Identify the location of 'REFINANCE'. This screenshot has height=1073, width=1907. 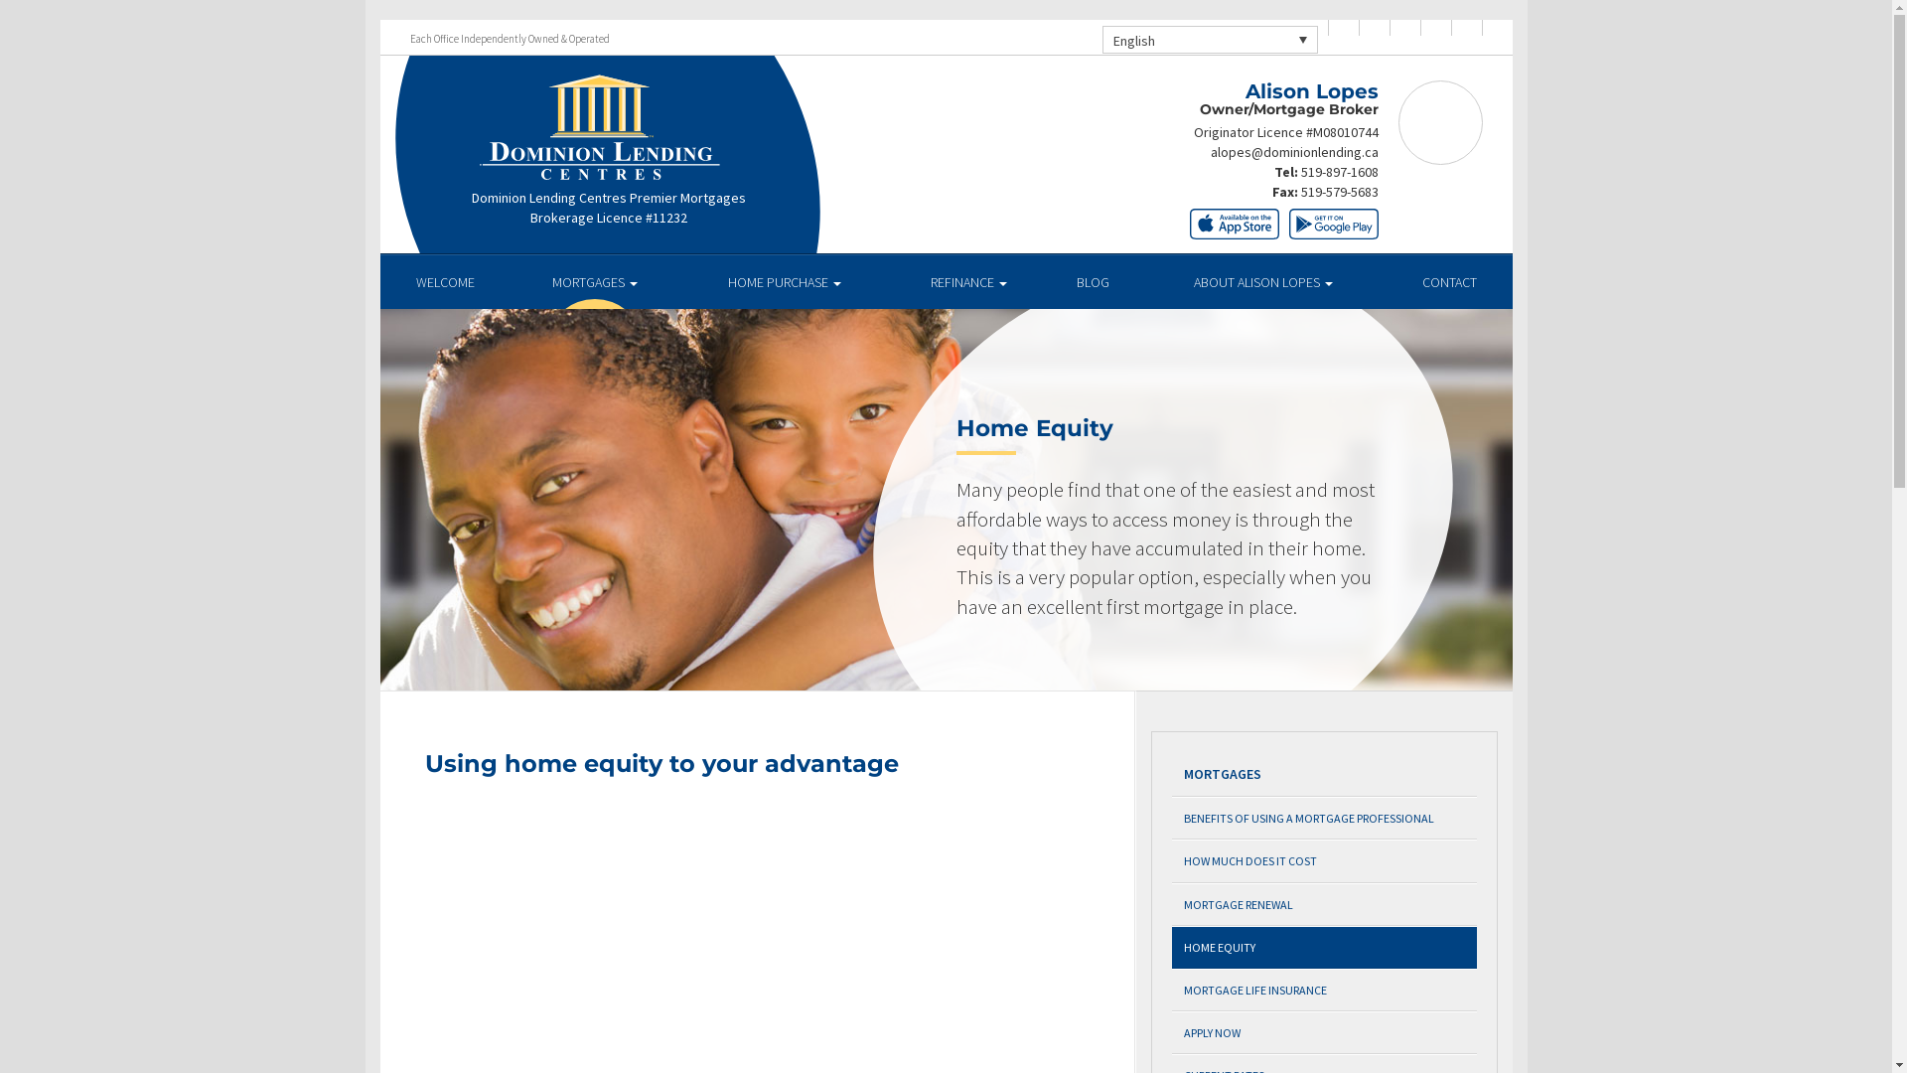
(967, 282).